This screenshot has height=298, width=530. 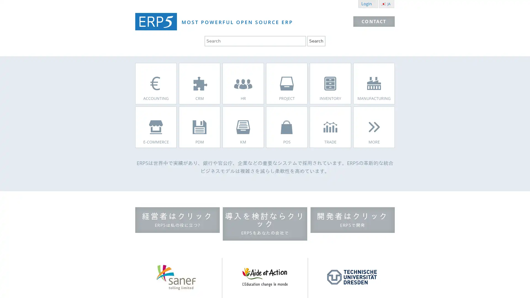 I want to click on Search, so click(x=316, y=41).